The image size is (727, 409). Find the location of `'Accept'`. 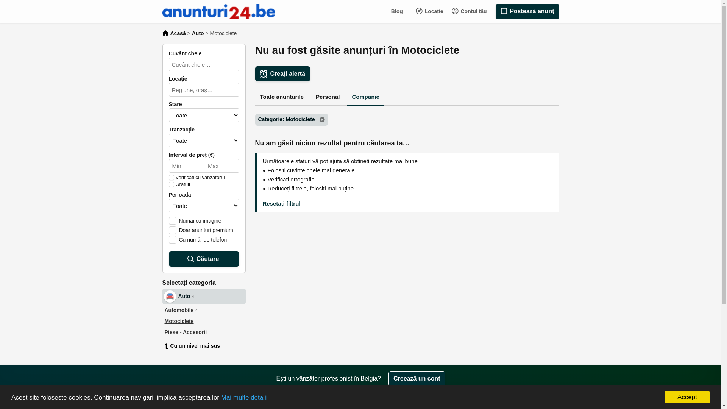

'Accept' is located at coordinates (687, 397).